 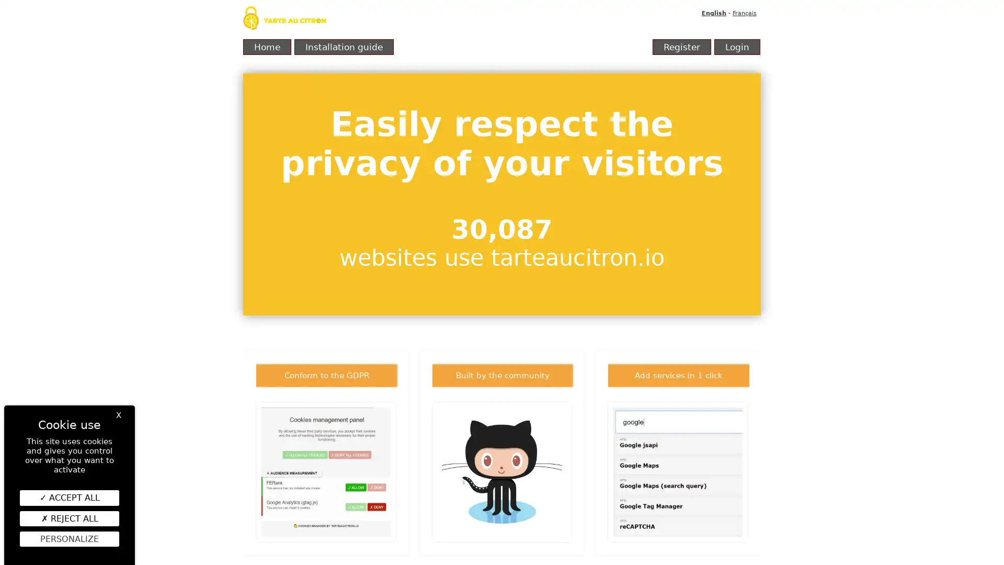 I want to click on ACCEPT ALL, so click(x=69, y=497).